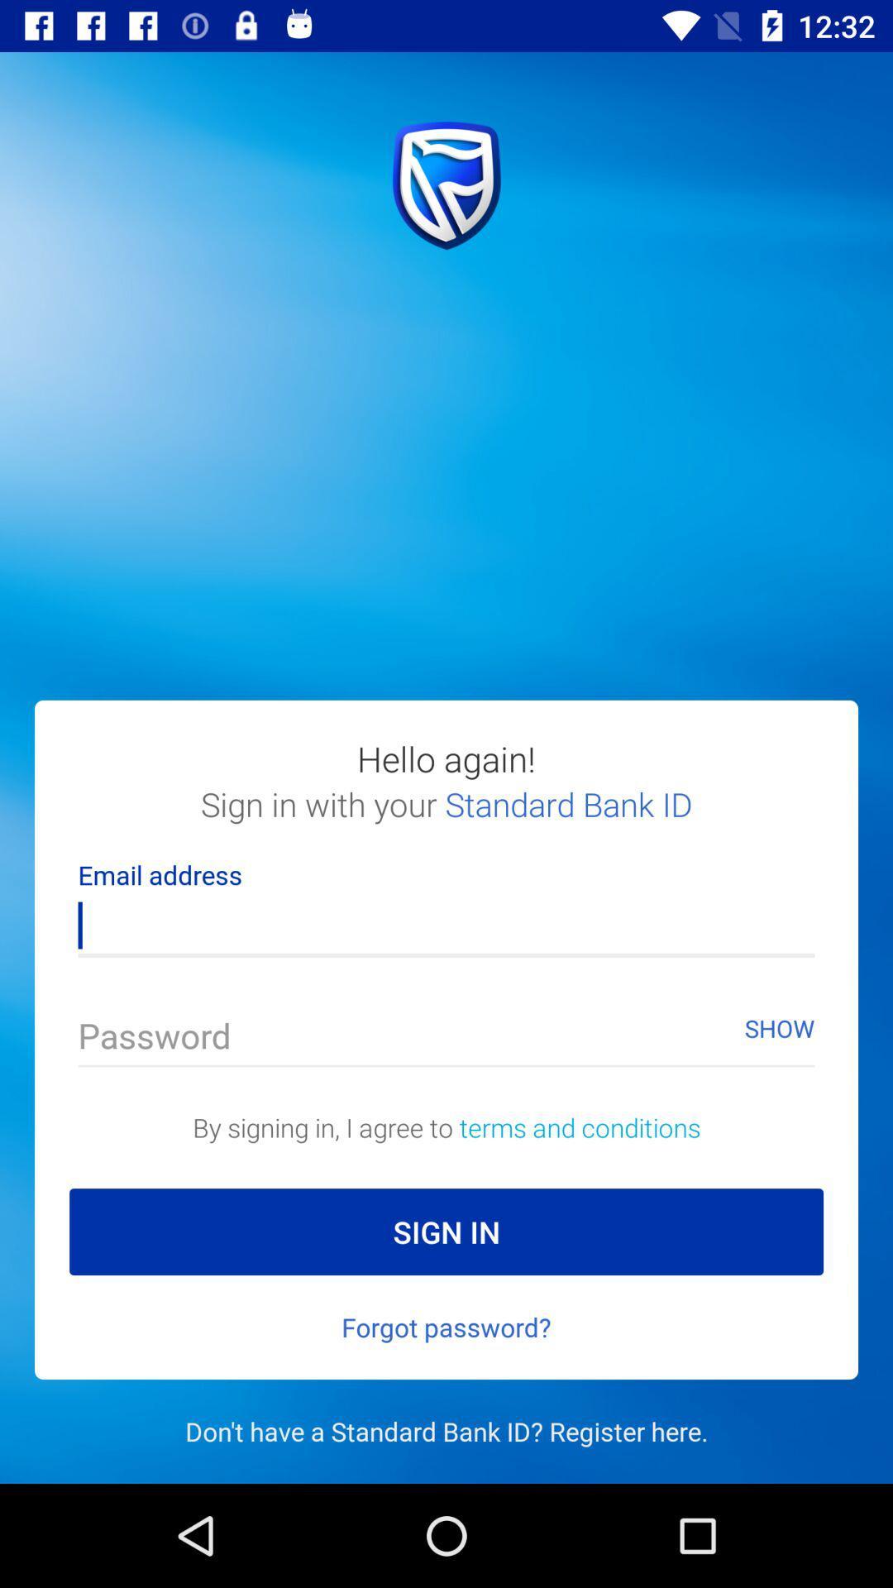  I want to click on email address, so click(446, 916).